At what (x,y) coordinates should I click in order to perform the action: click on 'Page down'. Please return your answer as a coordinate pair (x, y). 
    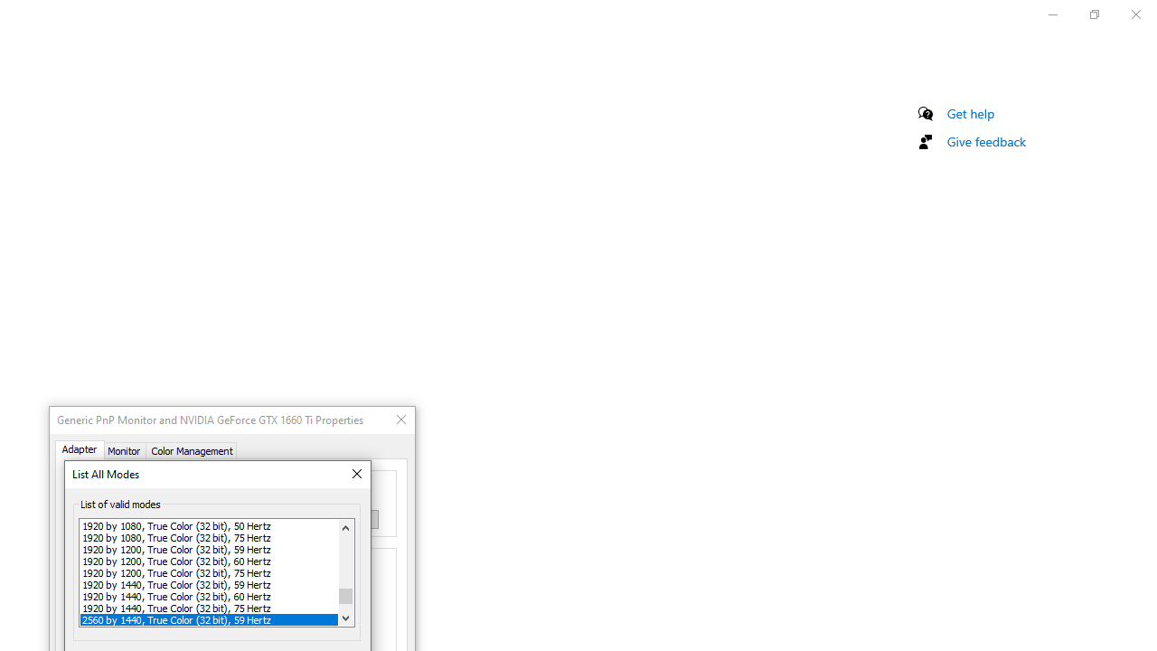
    Looking at the image, I should click on (345, 607).